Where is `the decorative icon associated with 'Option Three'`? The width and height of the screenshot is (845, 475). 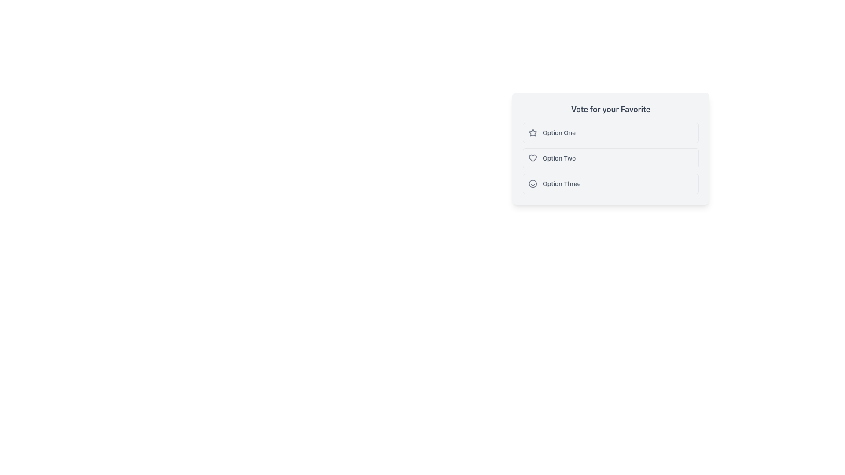 the decorative icon associated with 'Option Three' is located at coordinates (532, 183).